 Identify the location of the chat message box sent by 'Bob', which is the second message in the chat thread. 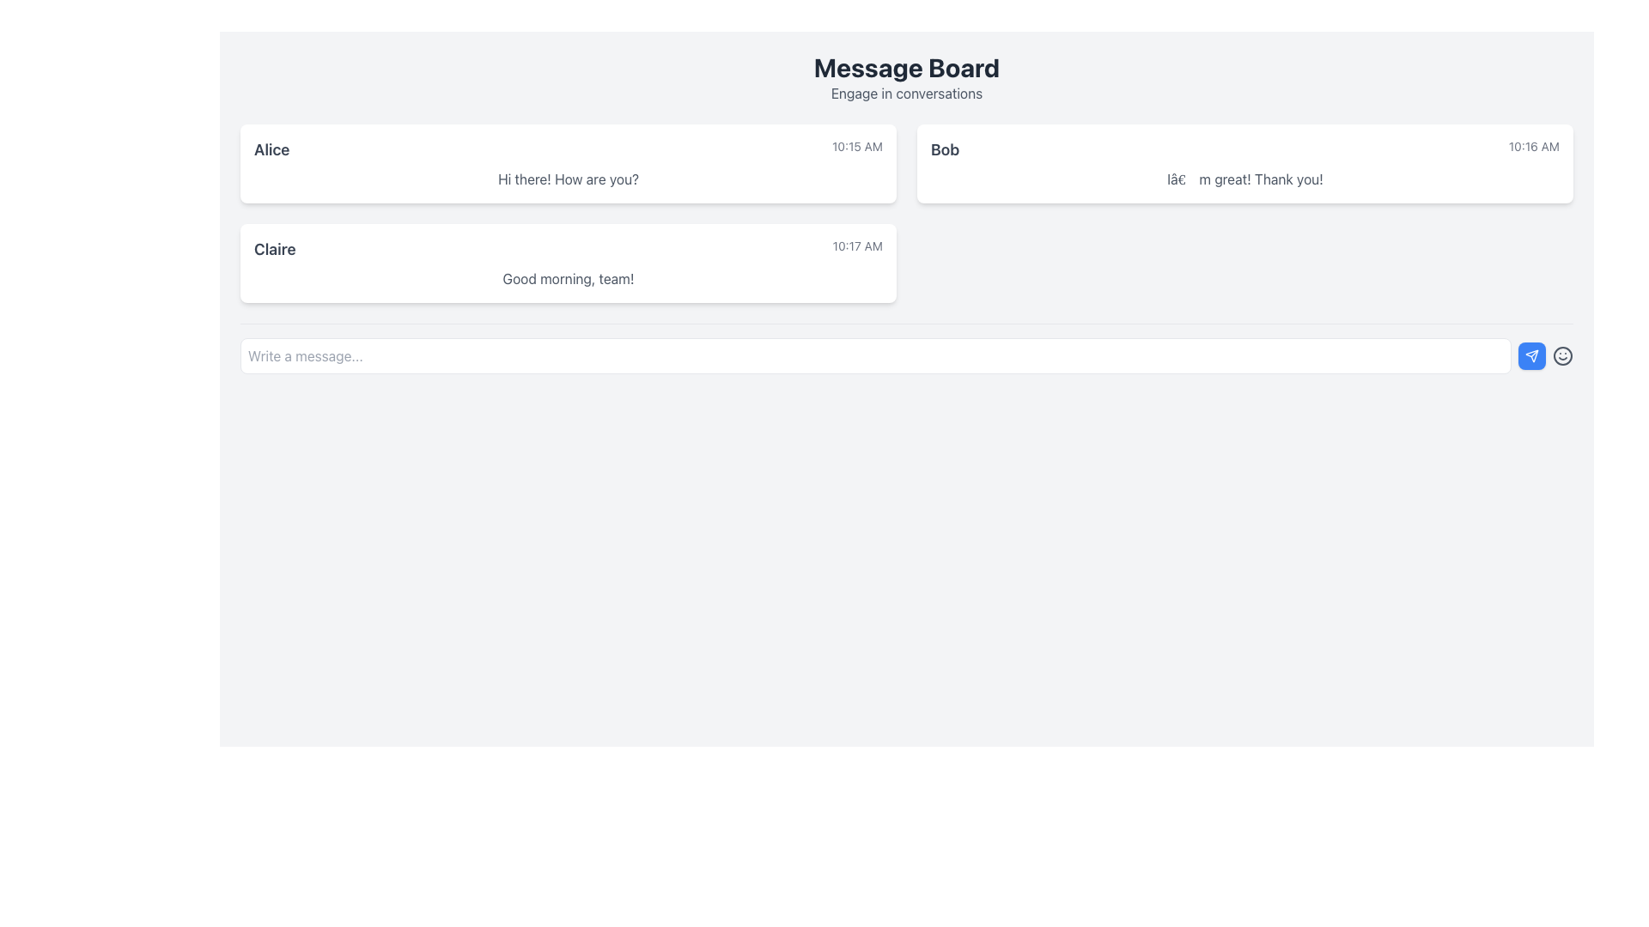
(1244, 164).